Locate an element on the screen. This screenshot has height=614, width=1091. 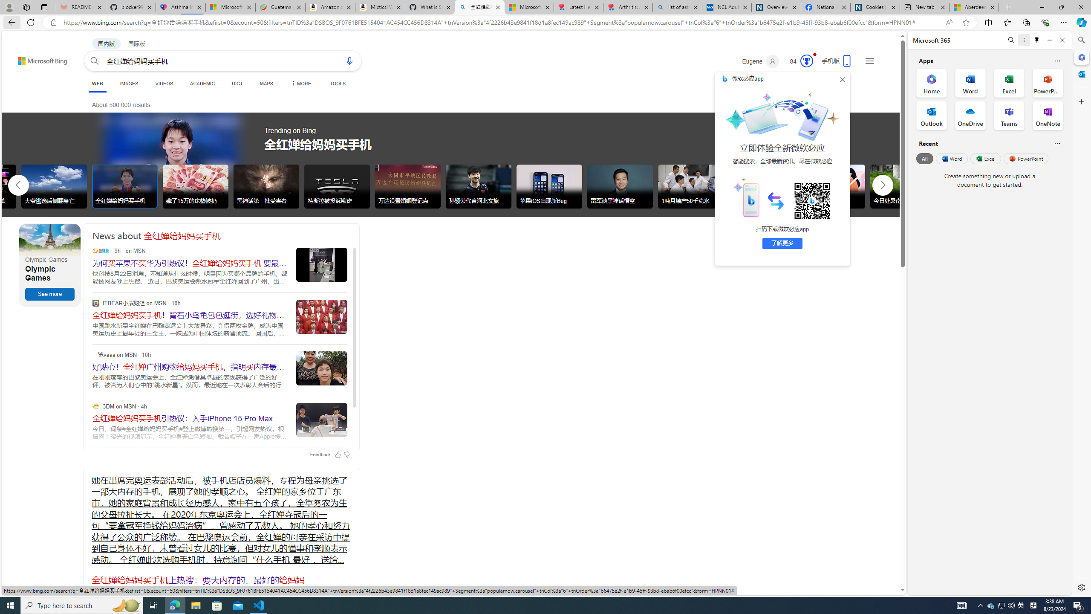
'Feedback Like' is located at coordinates (337, 454).